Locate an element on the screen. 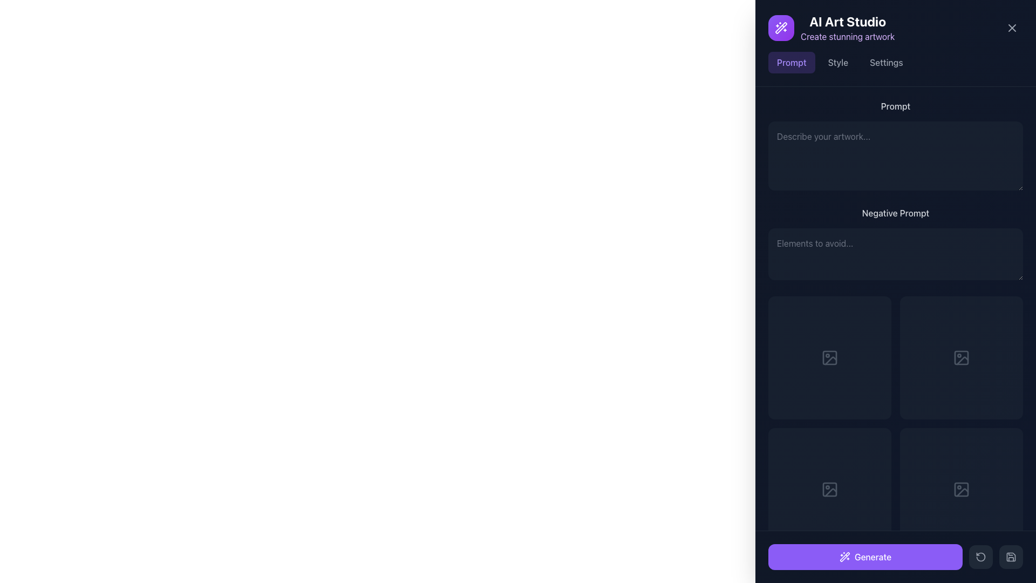 The width and height of the screenshot is (1036, 583). the gray text label 'Negative Prompt' located in the right-hand panel above the input area with placeholder text 'Elements to avoid...' is located at coordinates (896, 213).